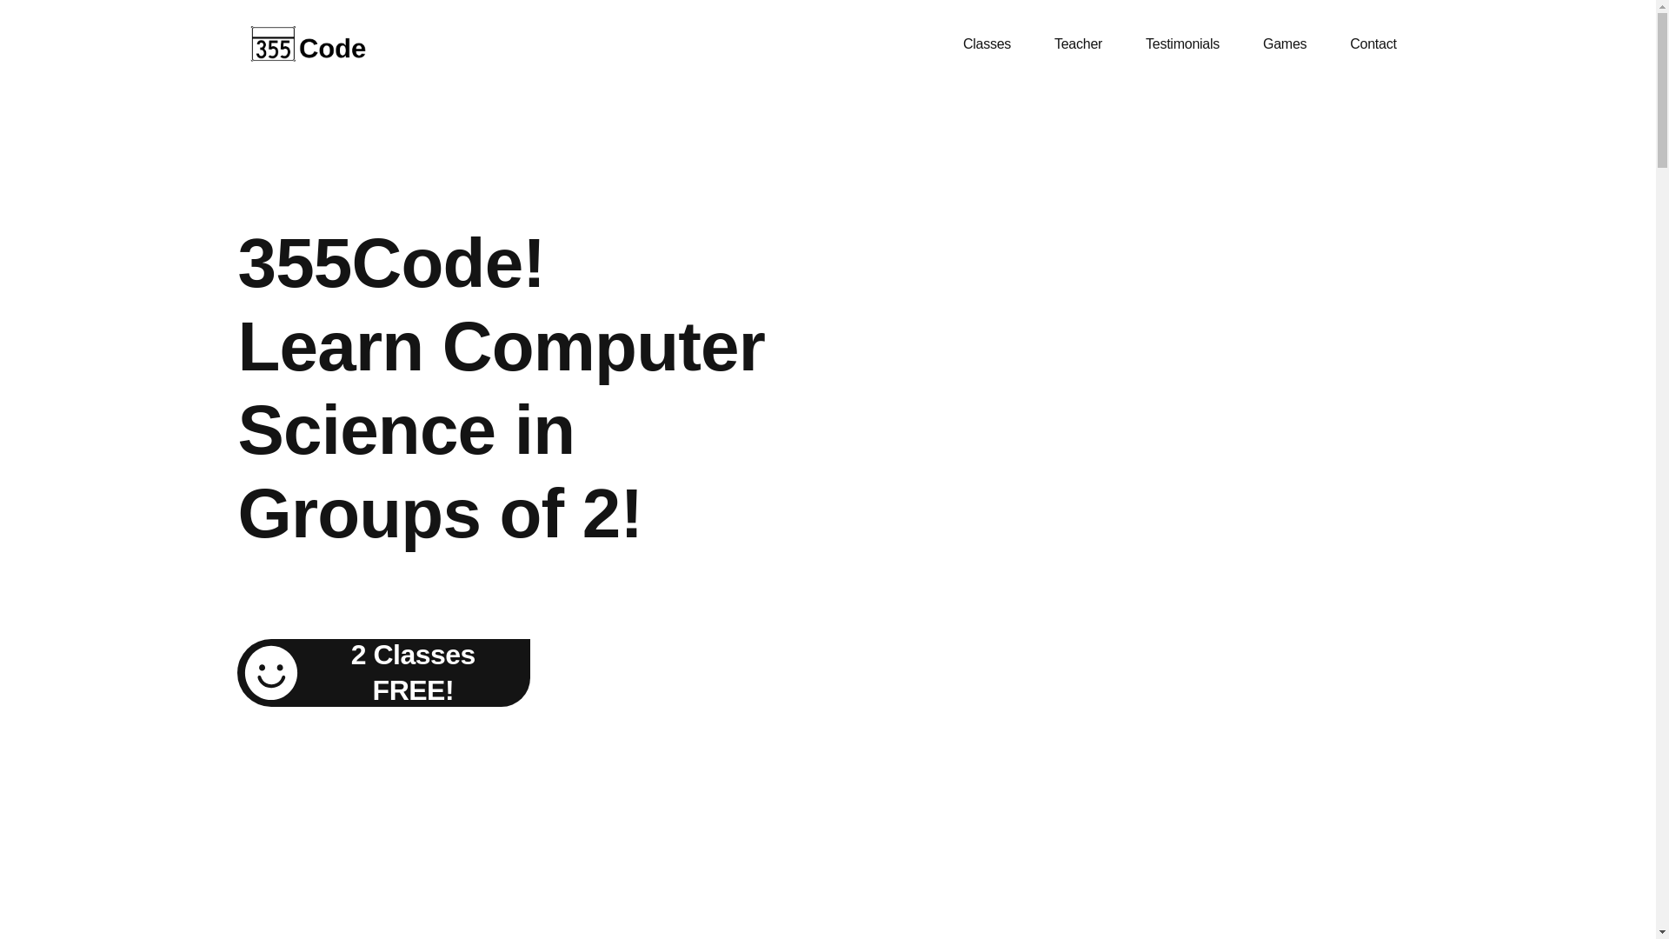  I want to click on 'Games', so click(1240, 43).